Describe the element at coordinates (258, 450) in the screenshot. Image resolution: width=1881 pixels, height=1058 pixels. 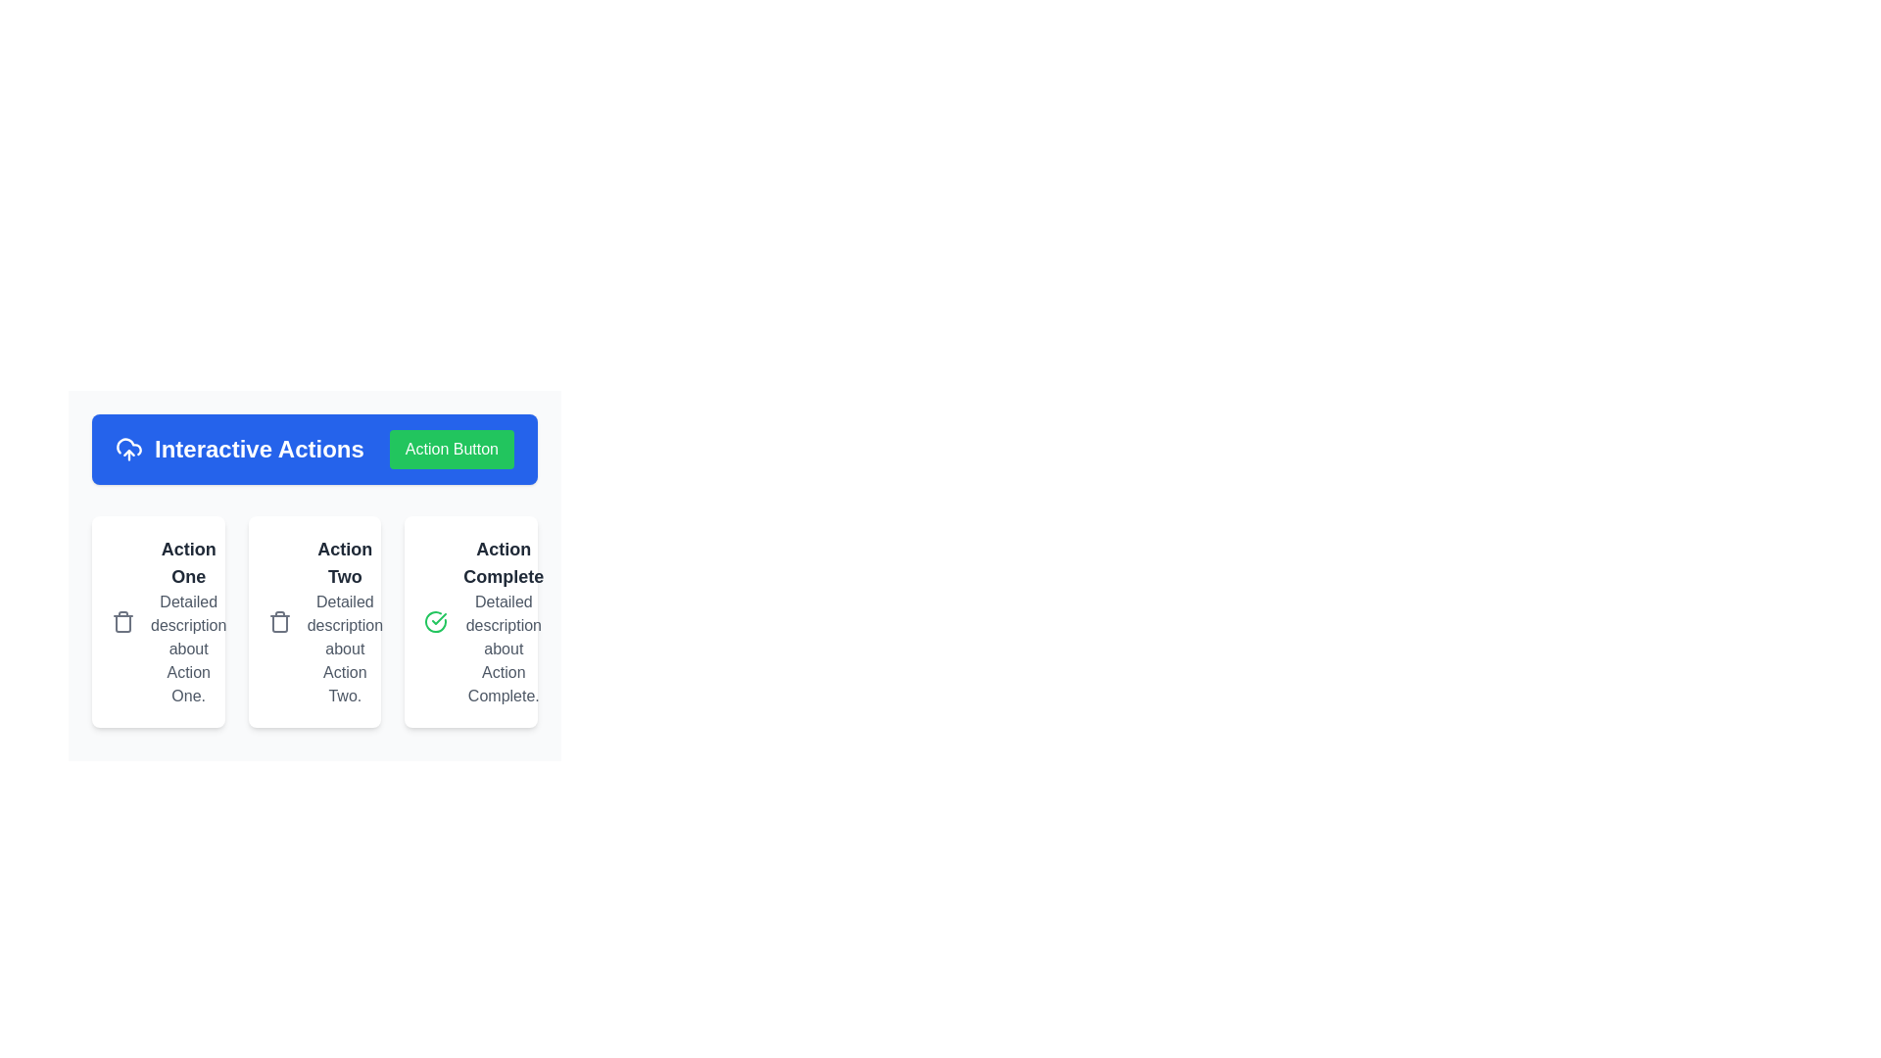
I see `the static text label reading 'Interactive Actions' which is styled with bold white text on a blue background, located at the top left of a horizontal bar` at that location.